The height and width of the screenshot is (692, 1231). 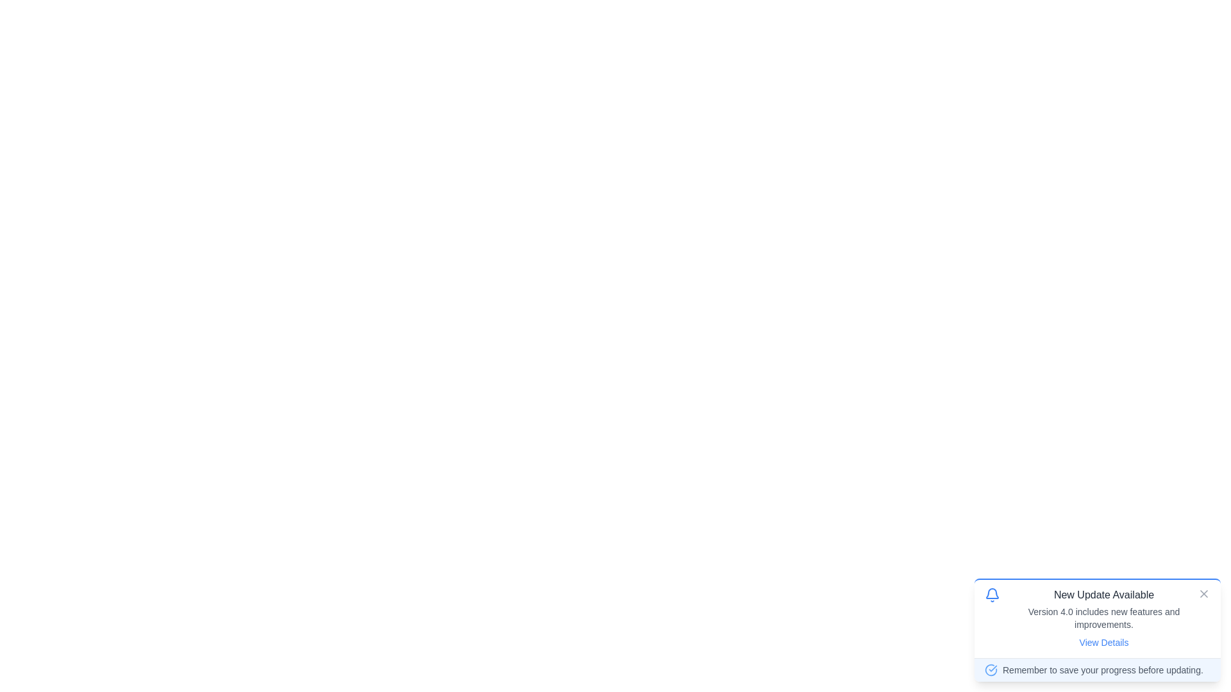 I want to click on the blue-colored text link labeled 'View Details' located under the notification panel, so click(x=1103, y=642).